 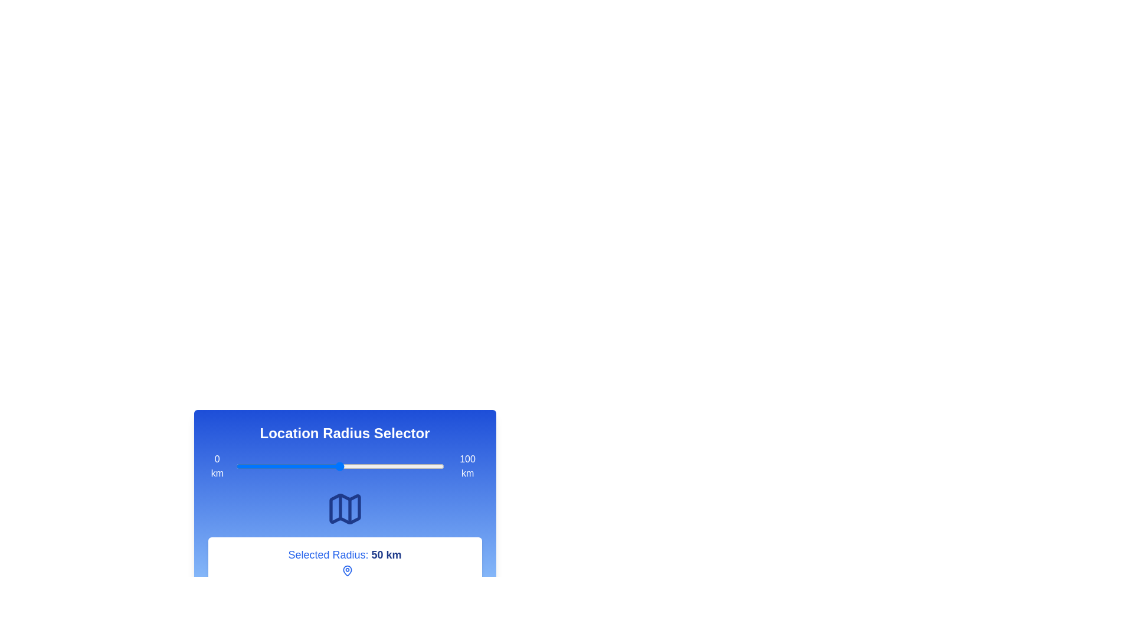 I want to click on the range slider to set the radius to 18 km, so click(x=273, y=465).